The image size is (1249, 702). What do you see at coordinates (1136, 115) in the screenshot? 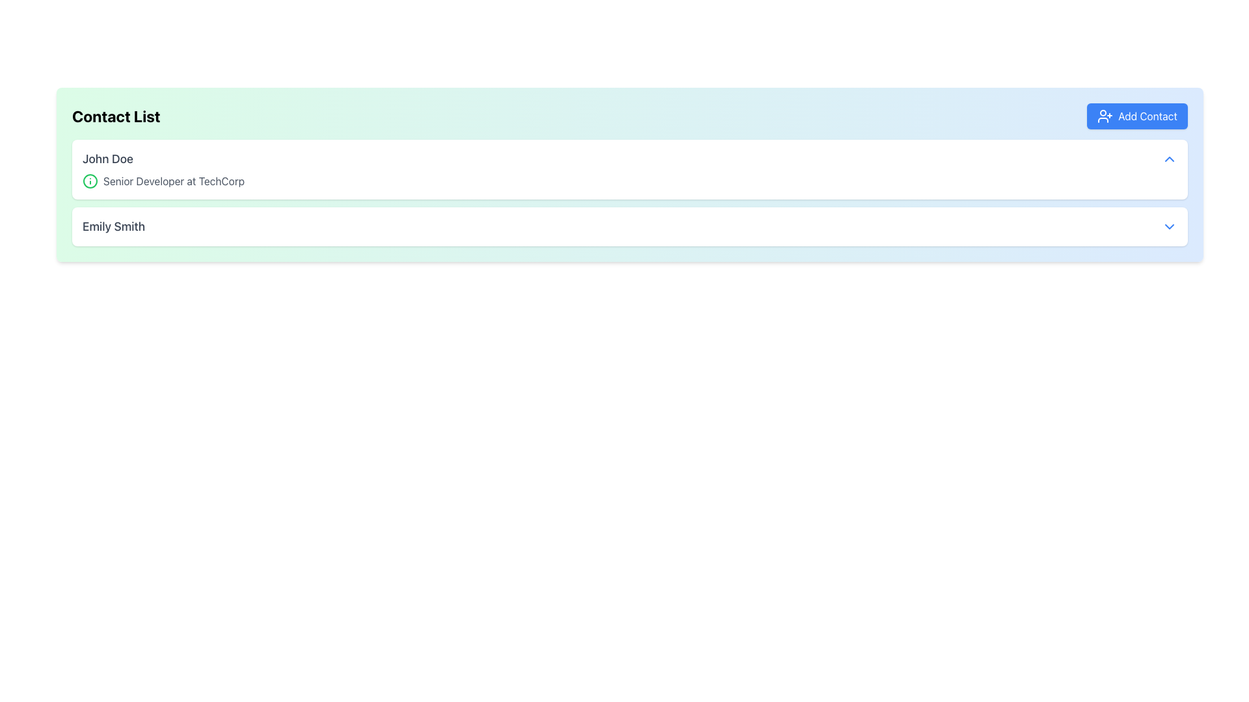
I see `the 'Add Contact' button, which has a blue background and white text, located at the top-right corner of the 'Contact List' section` at bounding box center [1136, 115].